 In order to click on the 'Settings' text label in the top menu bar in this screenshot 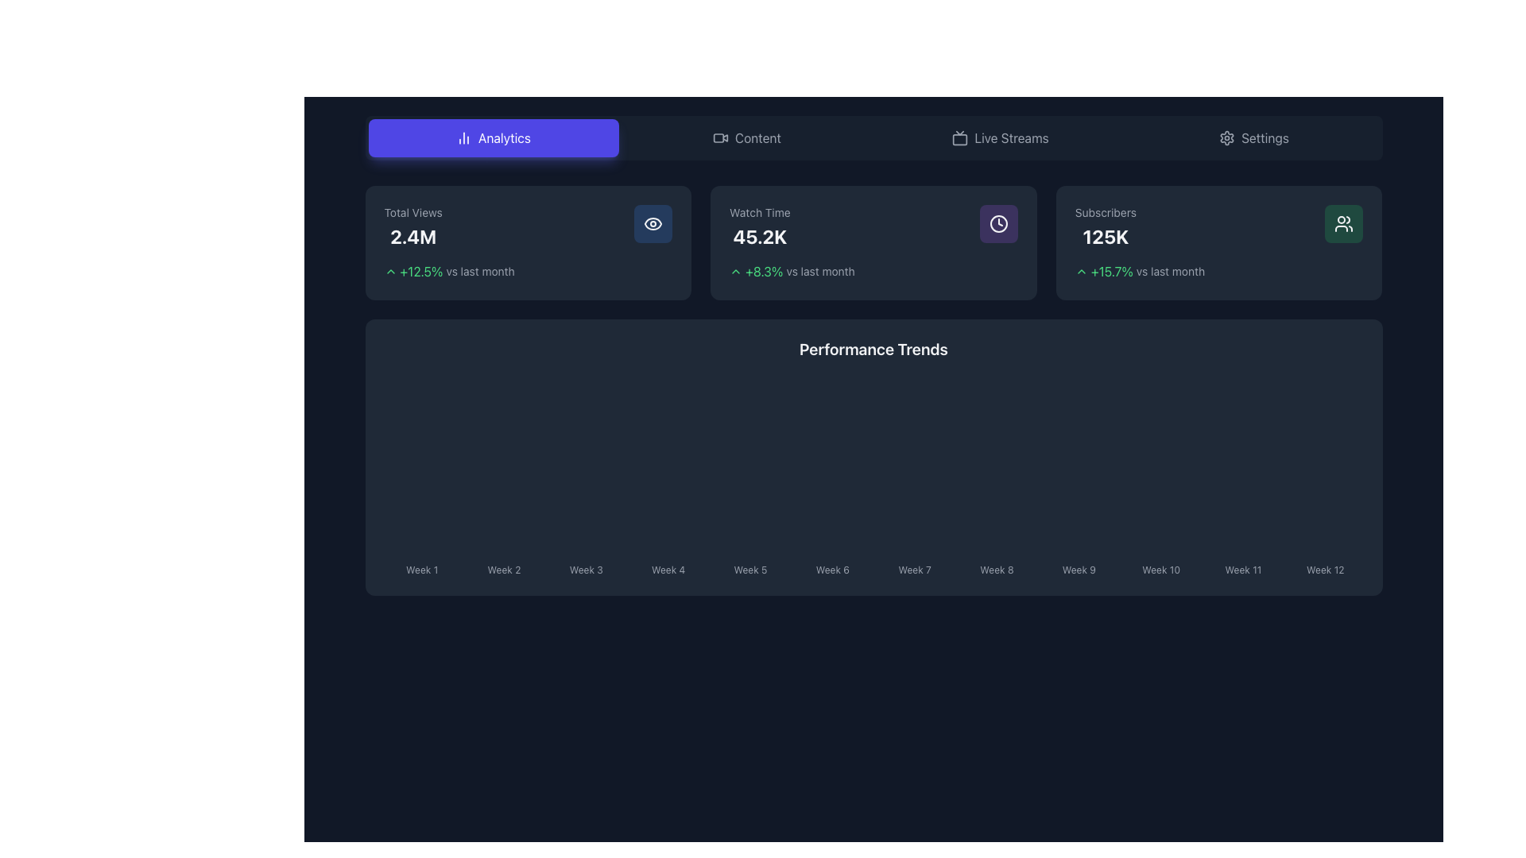, I will do `click(1265, 137)`.